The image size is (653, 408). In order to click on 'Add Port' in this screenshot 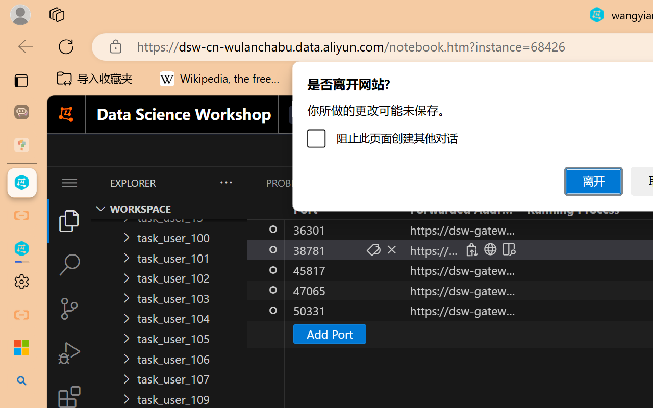, I will do `click(329, 333)`.